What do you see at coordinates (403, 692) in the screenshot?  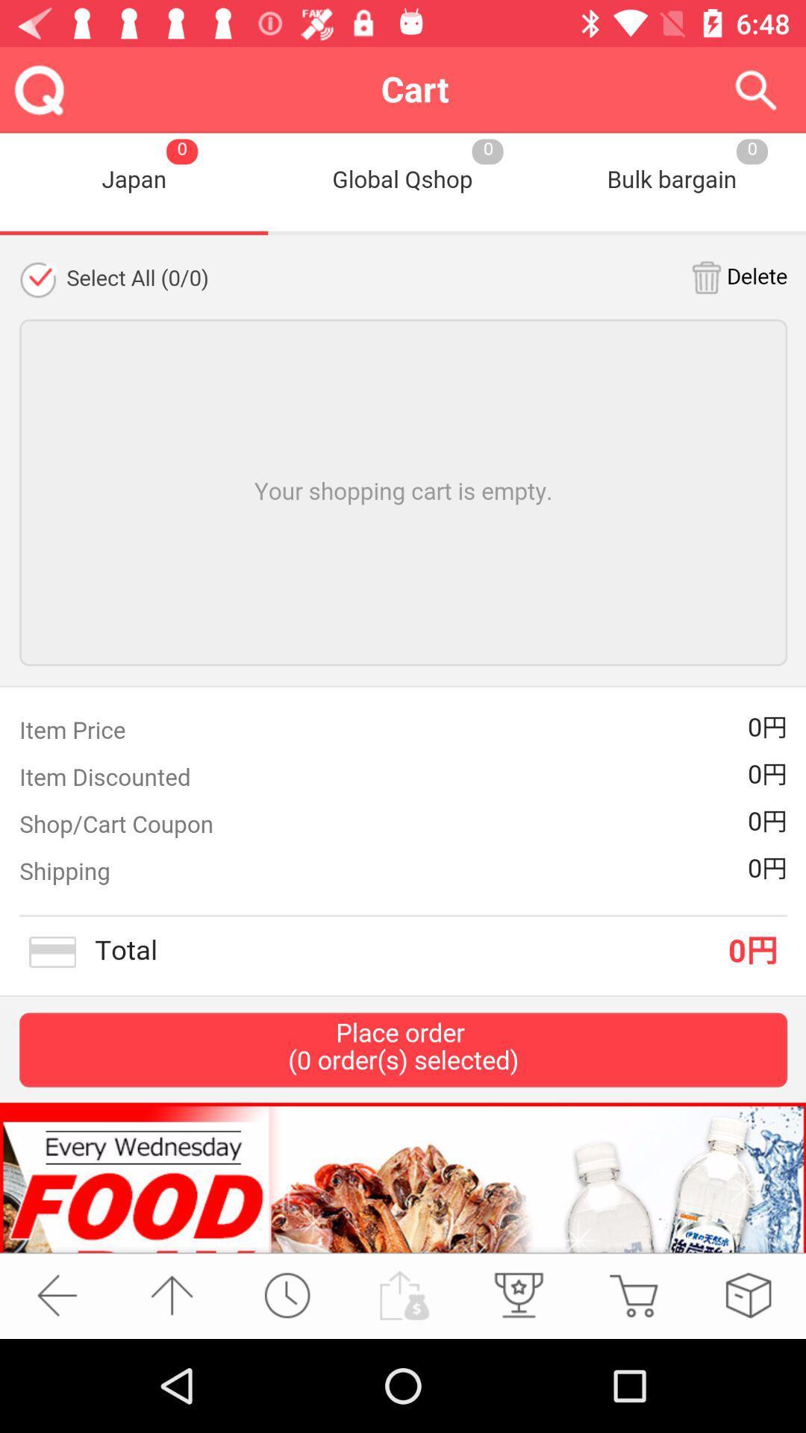 I see `description` at bounding box center [403, 692].